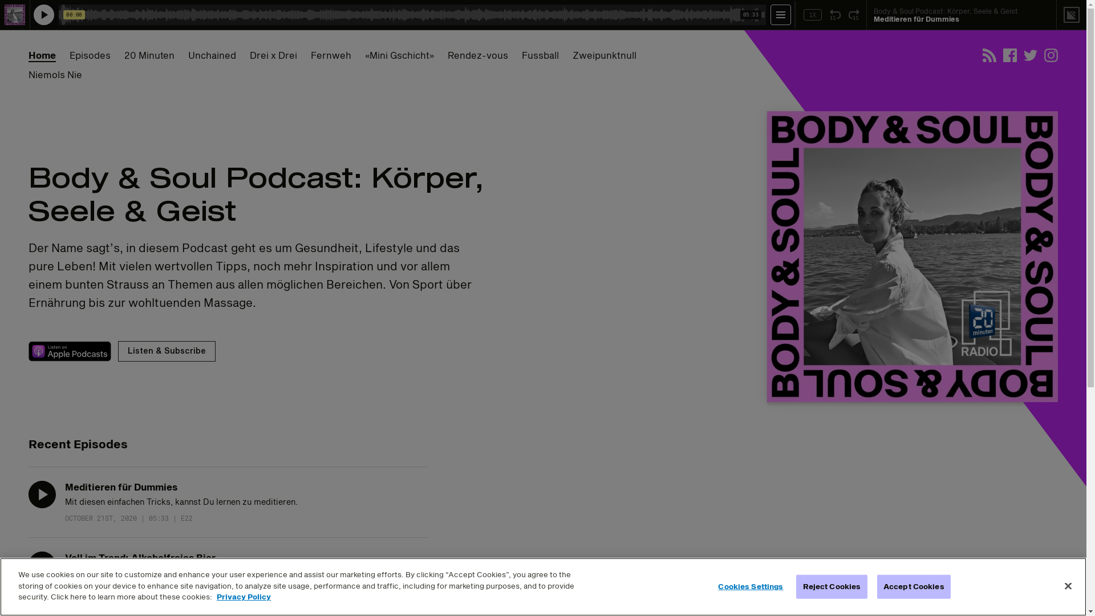 The height and width of the screenshot is (616, 1095). I want to click on 'Rendez-vous', so click(447, 55).